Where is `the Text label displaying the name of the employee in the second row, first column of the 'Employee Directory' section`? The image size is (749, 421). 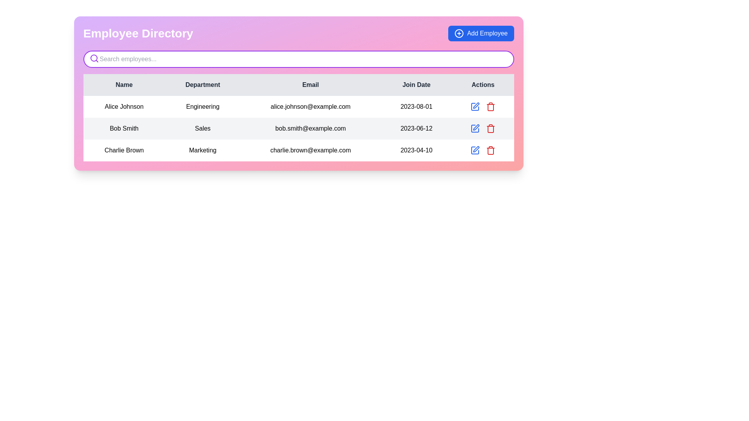 the Text label displaying the name of the employee in the second row, first column of the 'Employee Directory' section is located at coordinates (124, 128).